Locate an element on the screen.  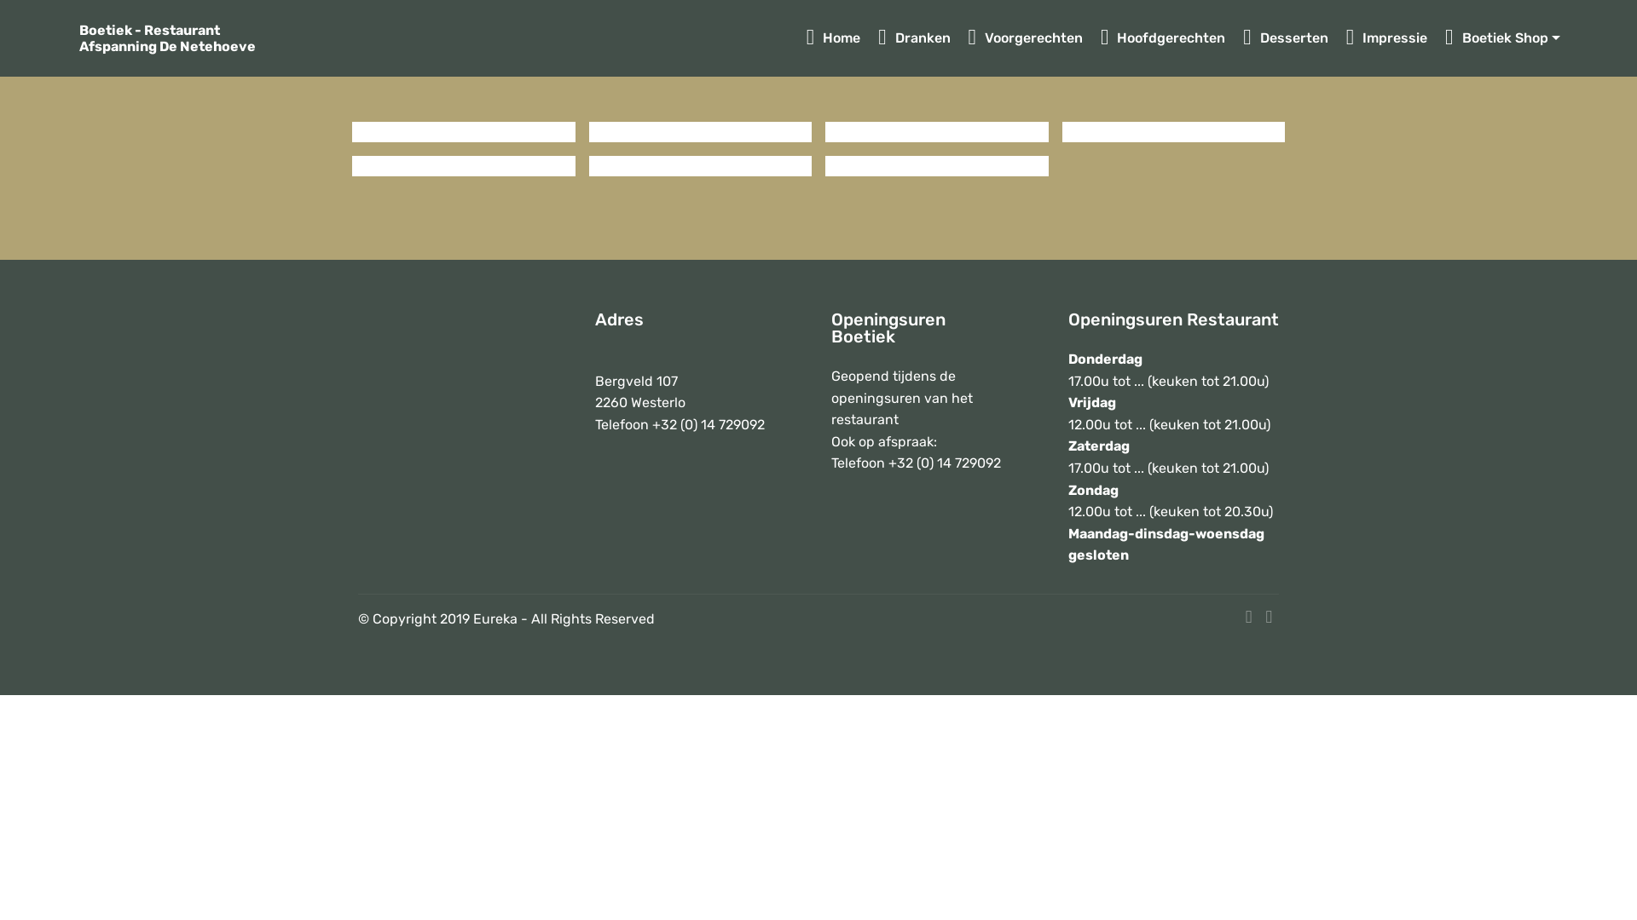
'Impressie' is located at coordinates (1387, 38).